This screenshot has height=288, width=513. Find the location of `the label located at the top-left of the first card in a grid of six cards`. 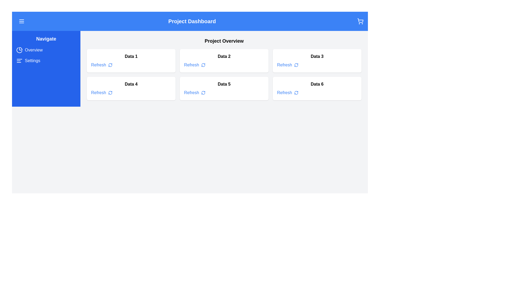

the label located at the top-left of the first card in a grid of six cards is located at coordinates (131, 57).